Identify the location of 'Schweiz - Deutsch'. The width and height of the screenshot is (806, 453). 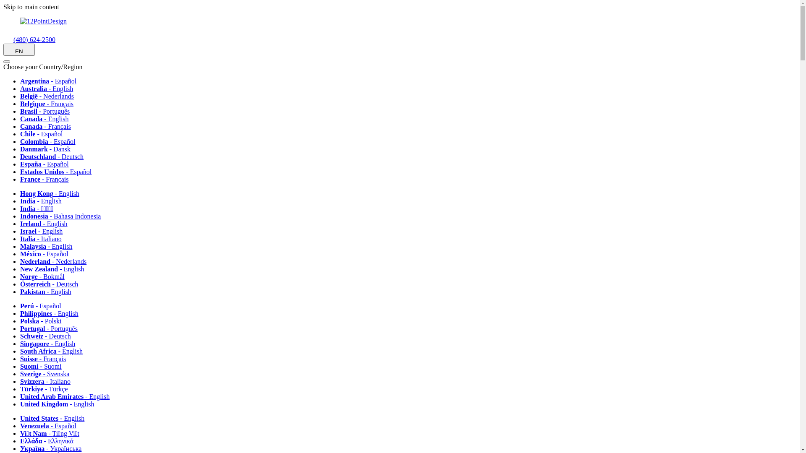
(20, 336).